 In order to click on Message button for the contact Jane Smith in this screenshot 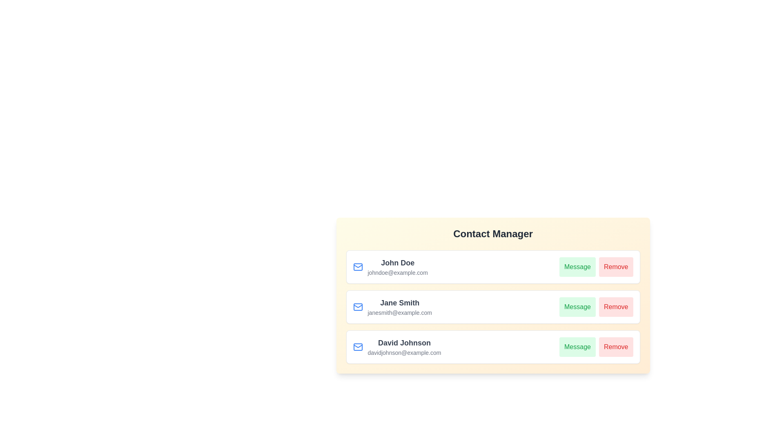, I will do `click(577, 307)`.